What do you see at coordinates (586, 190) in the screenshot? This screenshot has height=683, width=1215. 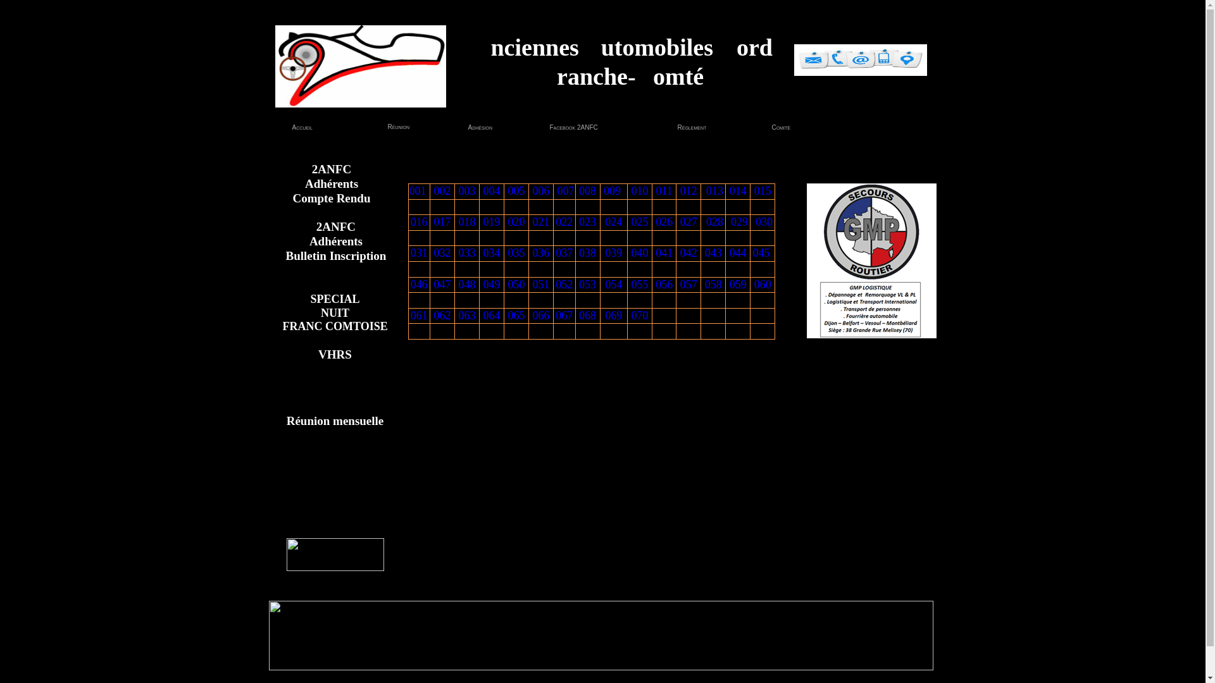 I see `' 008 '` at bounding box center [586, 190].